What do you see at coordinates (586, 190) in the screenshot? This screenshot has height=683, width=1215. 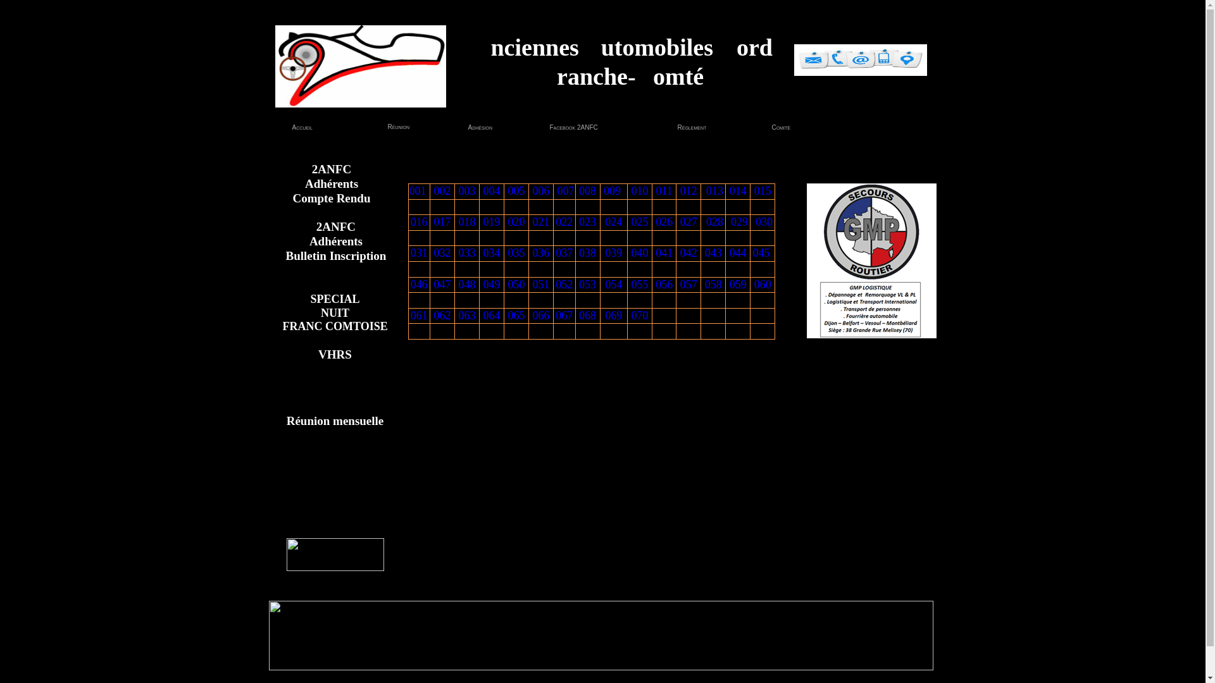 I see `' 008 '` at bounding box center [586, 190].